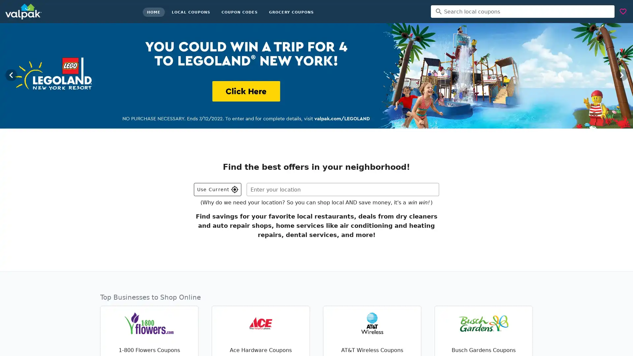  What do you see at coordinates (11, 74) in the screenshot?
I see `Previous visual` at bounding box center [11, 74].